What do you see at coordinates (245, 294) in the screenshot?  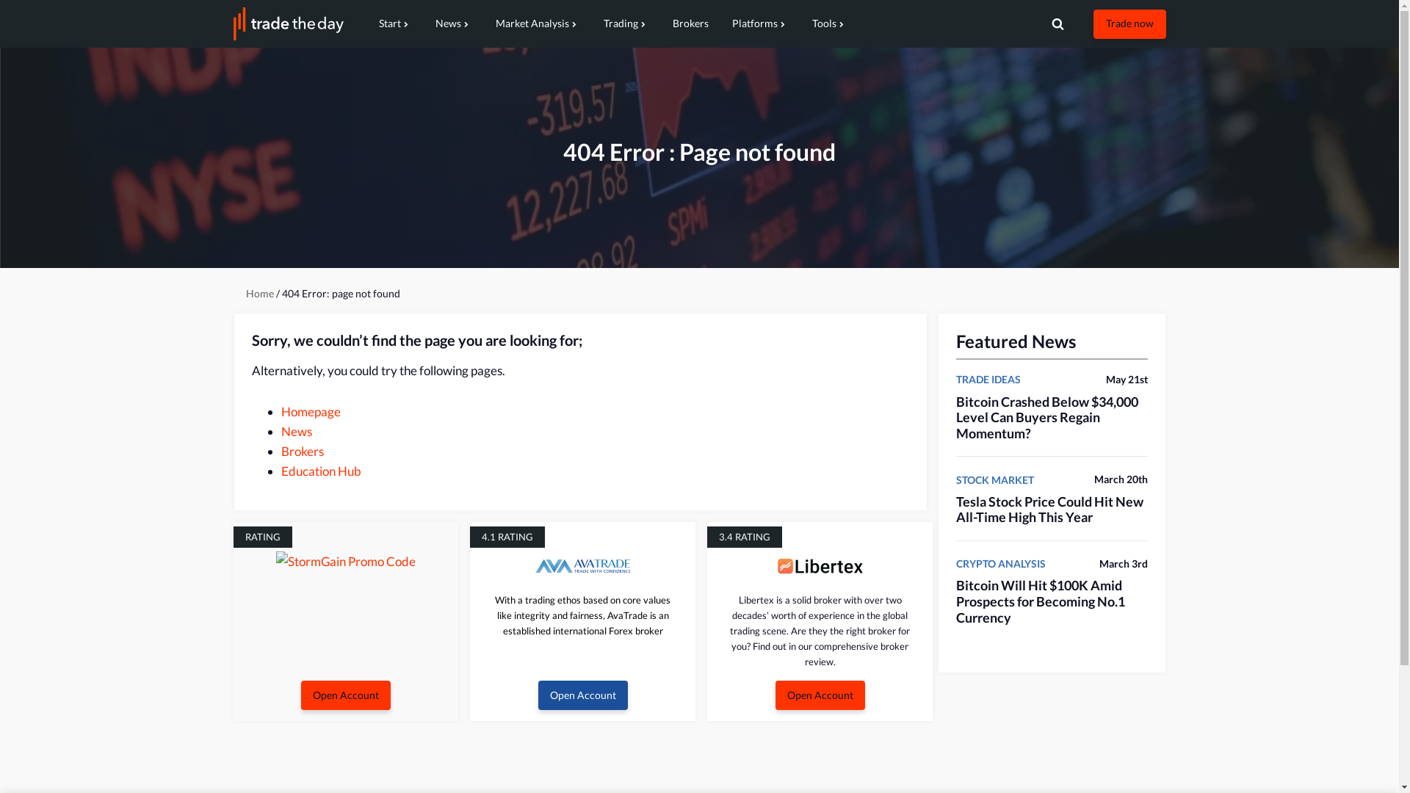 I see `'Home'` at bounding box center [245, 294].